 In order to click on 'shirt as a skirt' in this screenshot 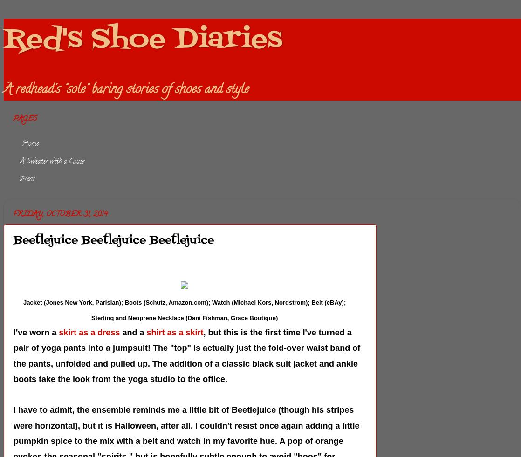, I will do `click(146, 332)`.